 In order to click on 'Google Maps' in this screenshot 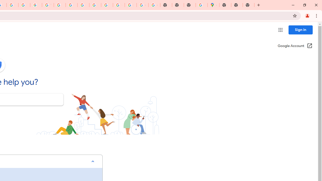, I will do `click(213, 5)`.